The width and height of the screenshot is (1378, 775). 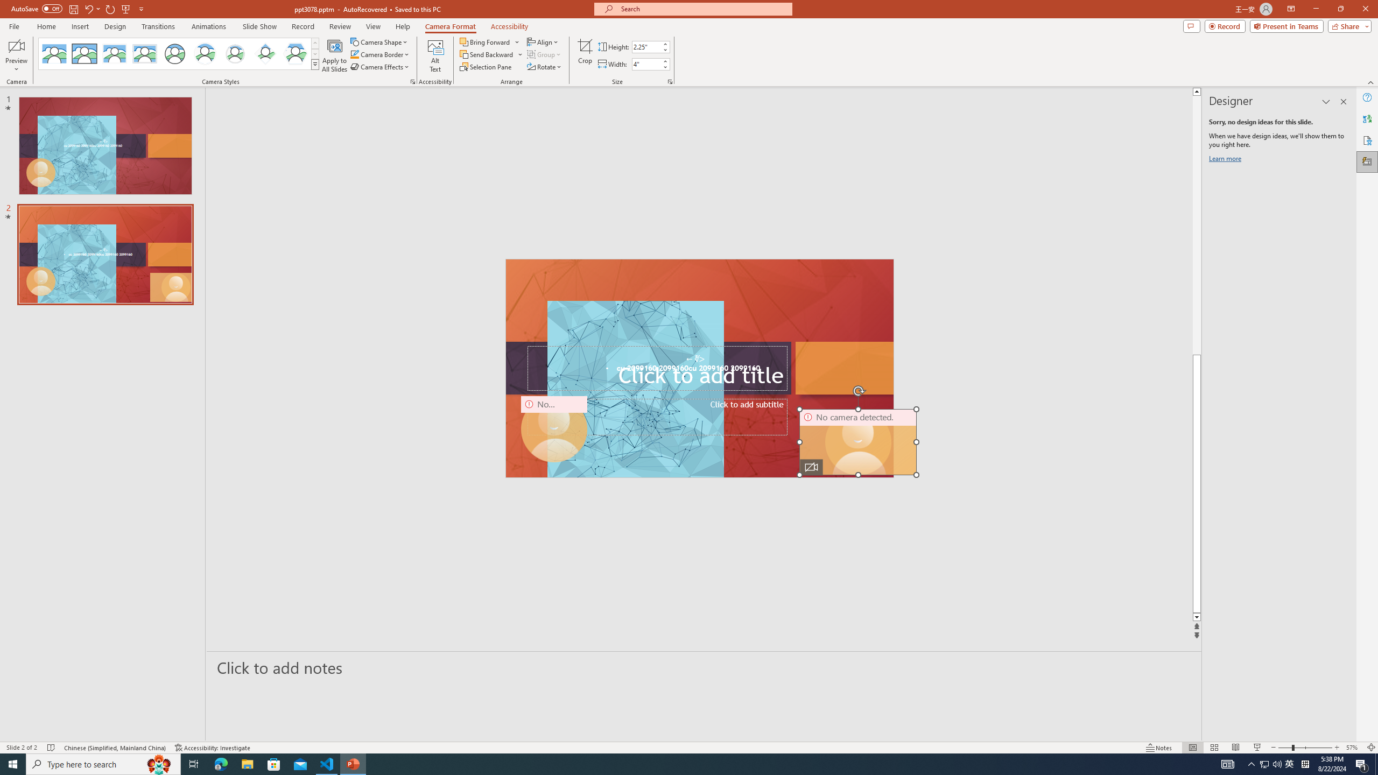 What do you see at coordinates (698, 369) in the screenshot?
I see `'TextBox 61'` at bounding box center [698, 369].